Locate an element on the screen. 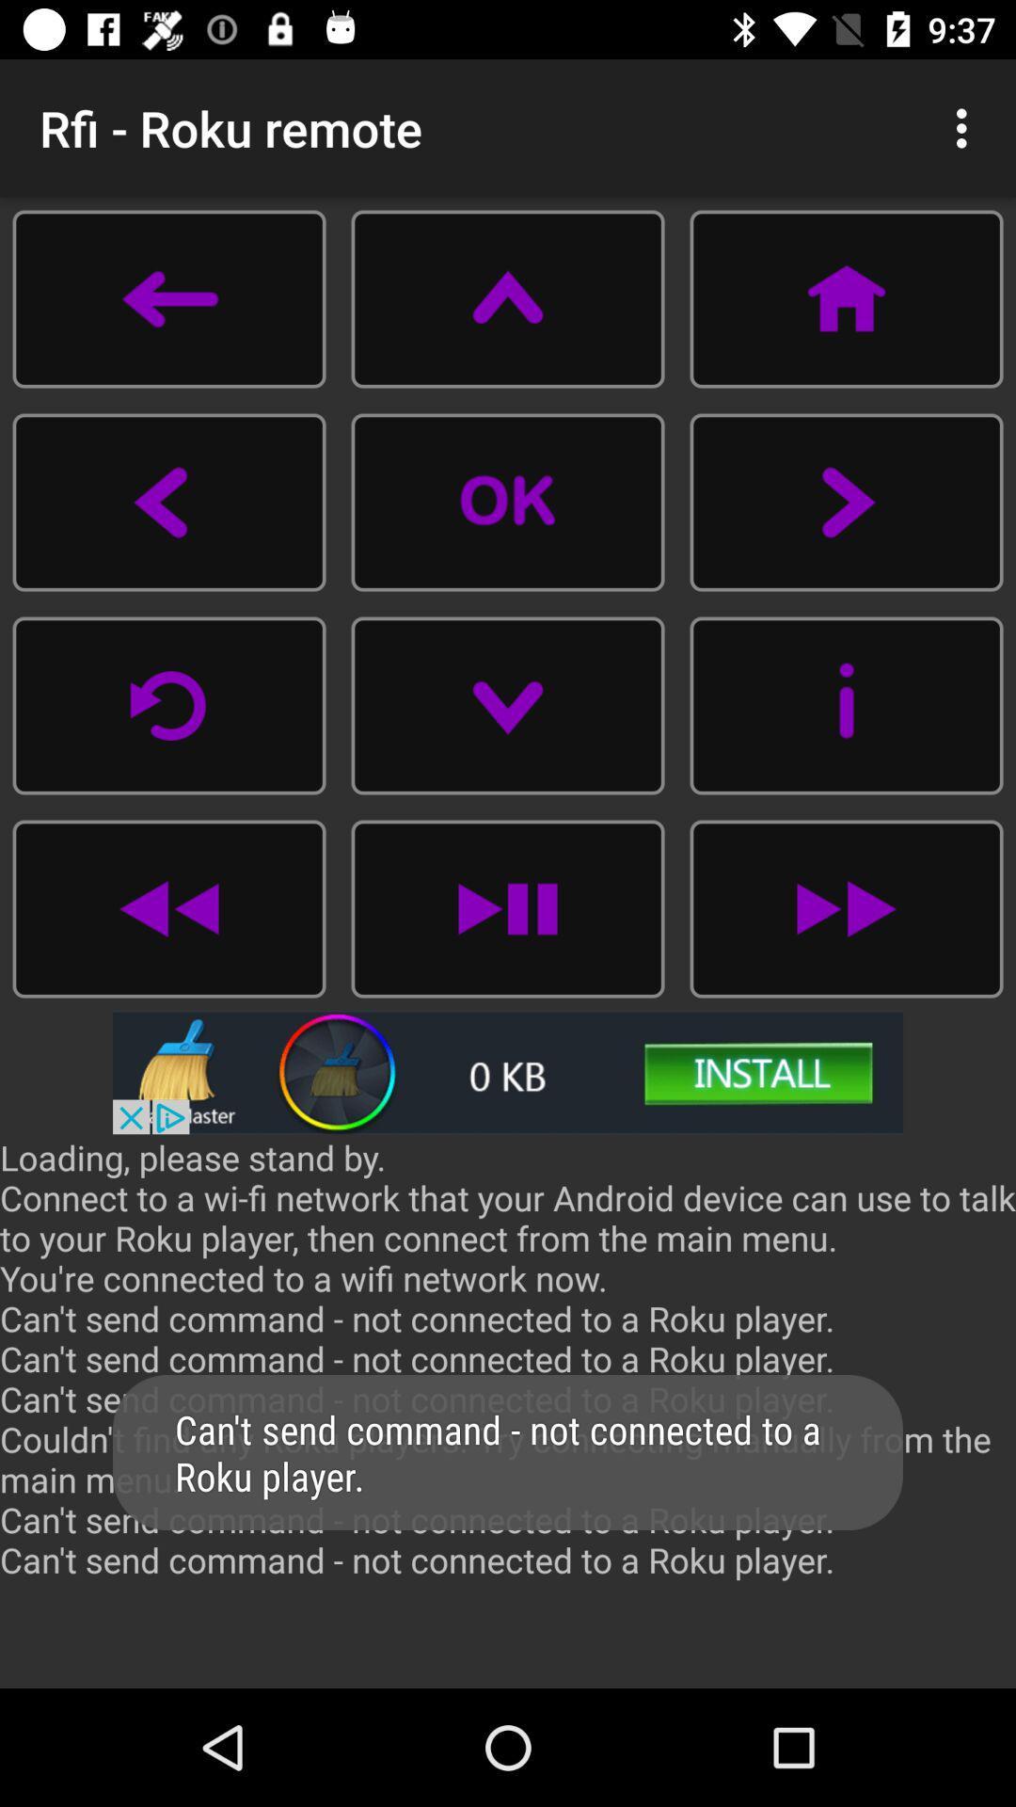 This screenshot has width=1016, height=1807. next page the article is located at coordinates (845, 502).